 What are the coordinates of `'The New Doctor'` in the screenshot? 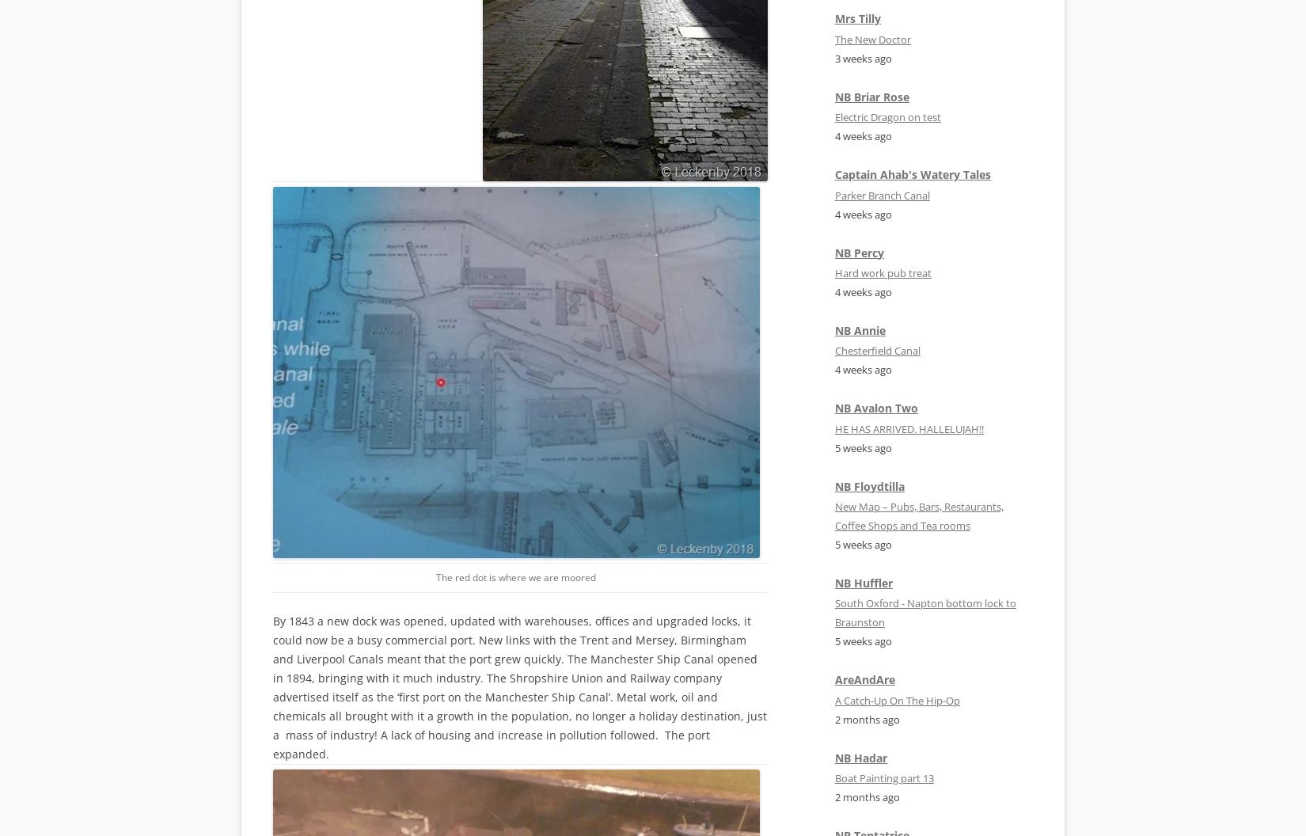 It's located at (873, 38).